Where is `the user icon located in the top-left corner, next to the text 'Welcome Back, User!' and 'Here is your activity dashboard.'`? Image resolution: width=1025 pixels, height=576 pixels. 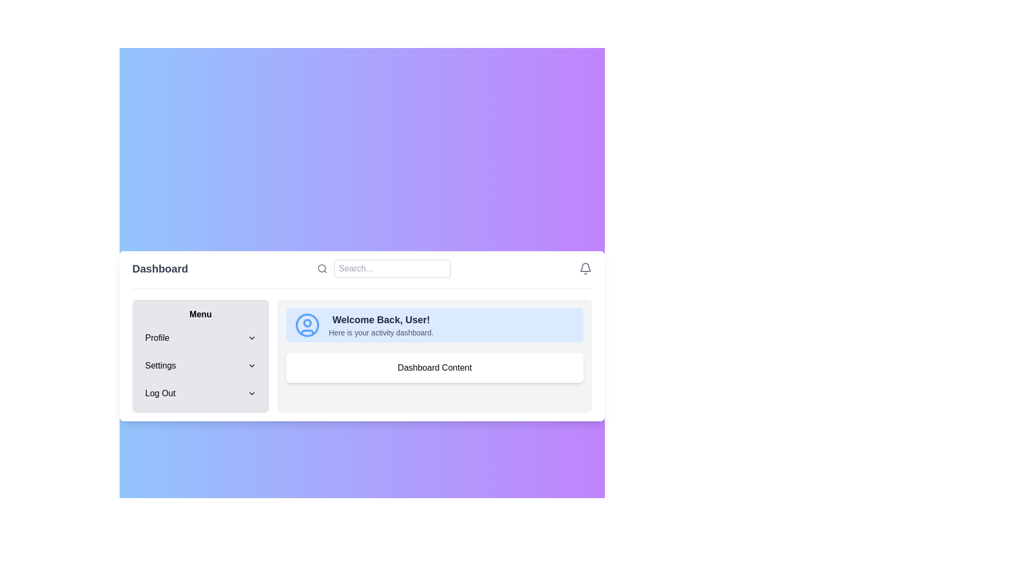 the user icon located in the top-left corner, next to the text 'Welcome Back, User!' and 'Here is your activity dashboard.' is located at coordinates (307, 324).